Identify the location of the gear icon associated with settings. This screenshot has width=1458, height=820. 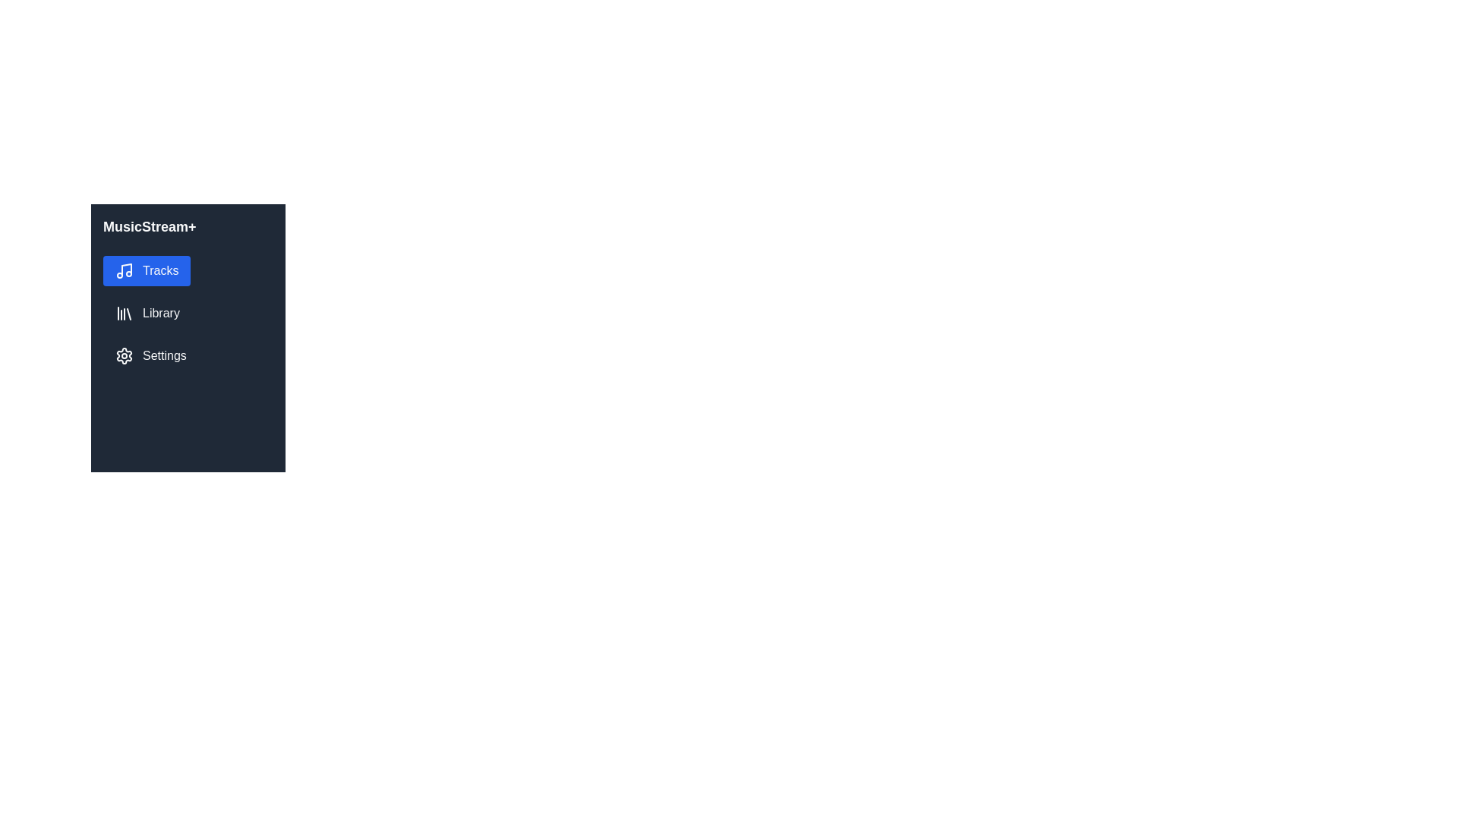
(124, 356).